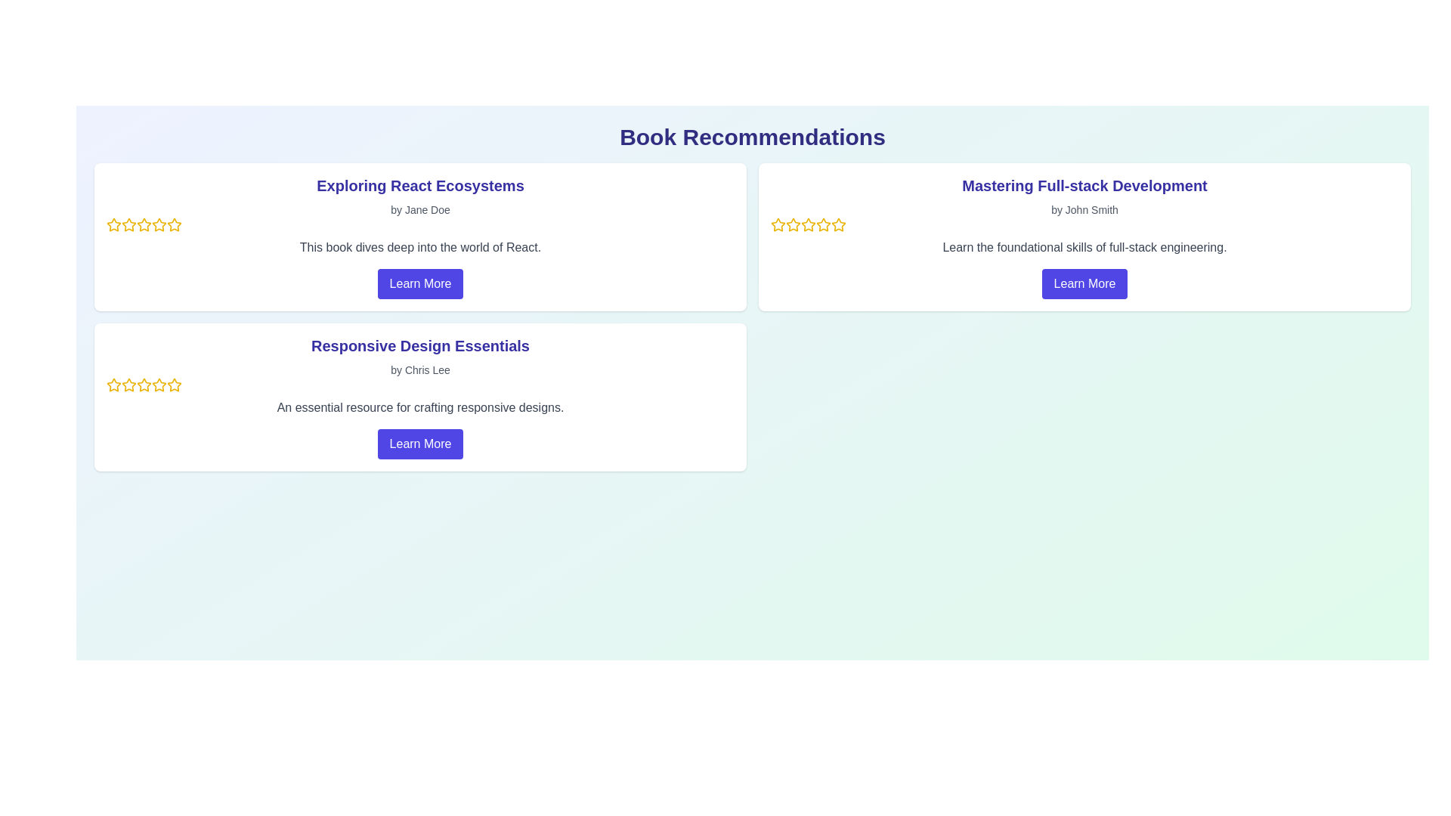 The image size is (1451, 816). What do you see at coordinates (112, 384) in the screenshot?
I see `the first star icon in the rating system for the 'Responsive Design Essentials' item` at bounding box center [112, 384].